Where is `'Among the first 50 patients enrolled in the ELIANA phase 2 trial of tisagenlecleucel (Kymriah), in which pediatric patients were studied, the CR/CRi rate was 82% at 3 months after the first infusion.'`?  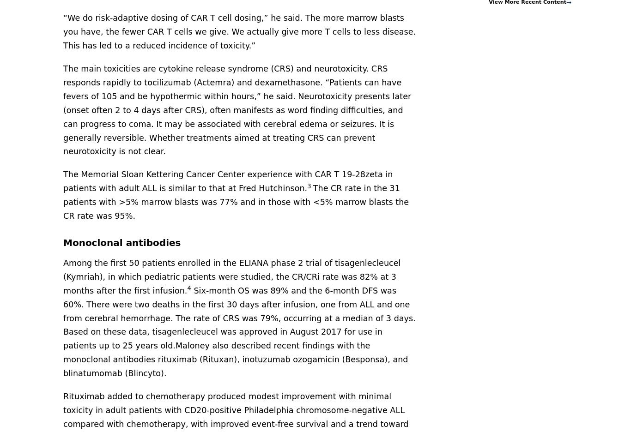 'Among the first 50 patients enrolled in the ELIANA phase 2 trial of tisagenlecleucel (Kymriah), in which pediatric patients were studied, the CR/CRi rate was 82% at 3 months after the first infusion.' is located at coordinates (232, 276).